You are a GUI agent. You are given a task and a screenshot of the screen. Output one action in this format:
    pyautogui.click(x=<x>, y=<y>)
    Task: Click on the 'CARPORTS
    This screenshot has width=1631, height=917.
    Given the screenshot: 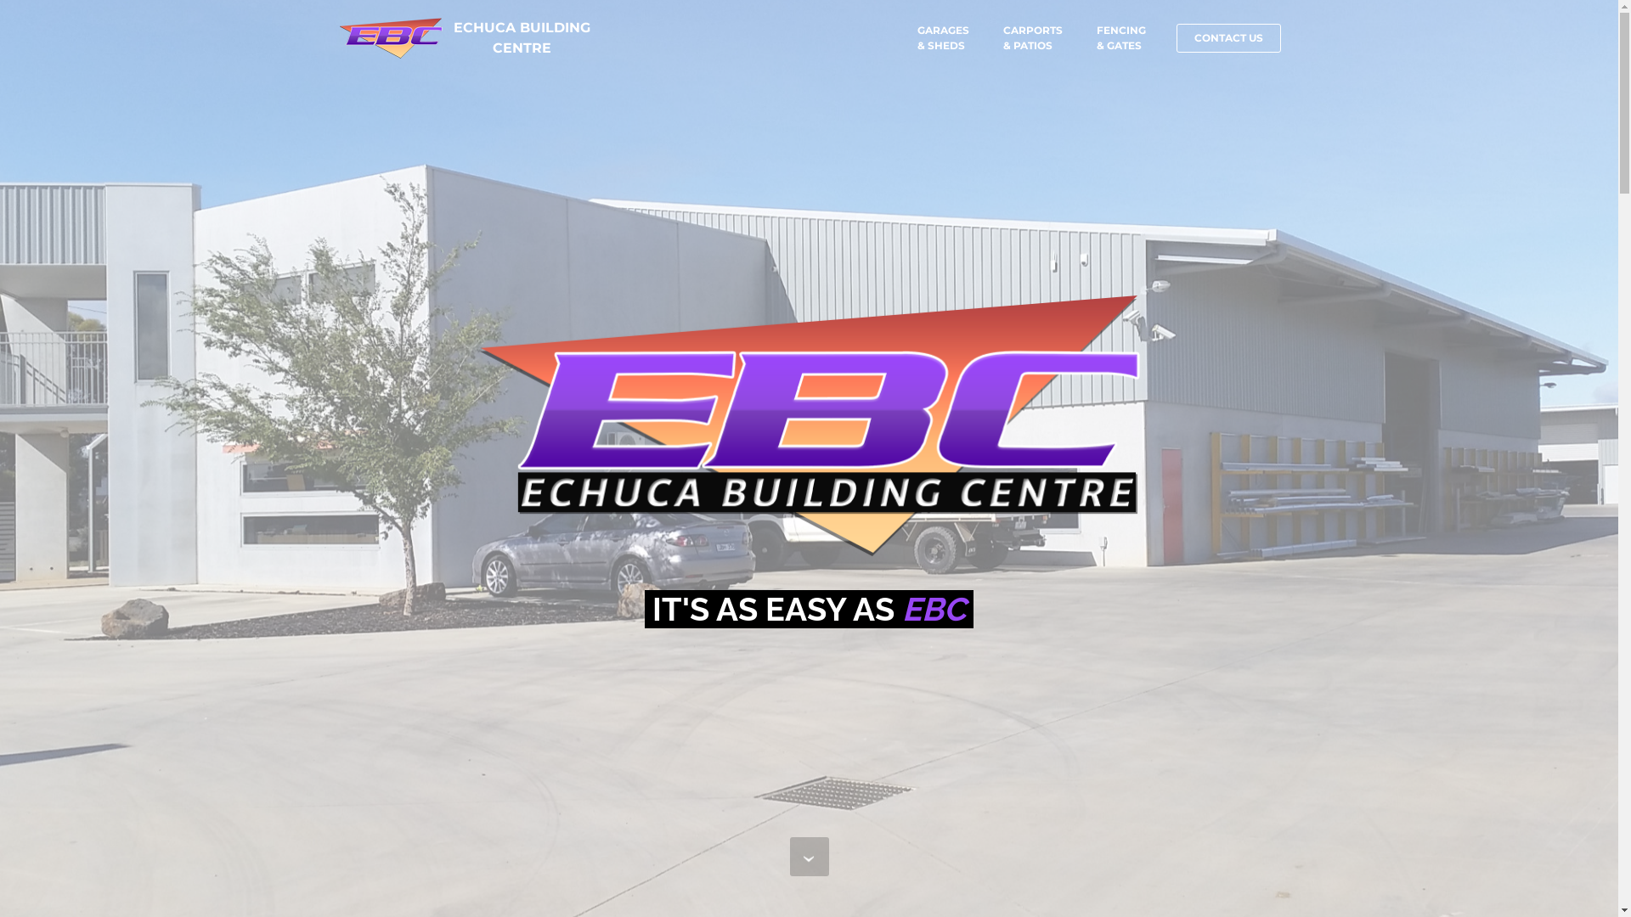 What is the action you would take?
    pyautogui.click(x=1030, y=38)
    